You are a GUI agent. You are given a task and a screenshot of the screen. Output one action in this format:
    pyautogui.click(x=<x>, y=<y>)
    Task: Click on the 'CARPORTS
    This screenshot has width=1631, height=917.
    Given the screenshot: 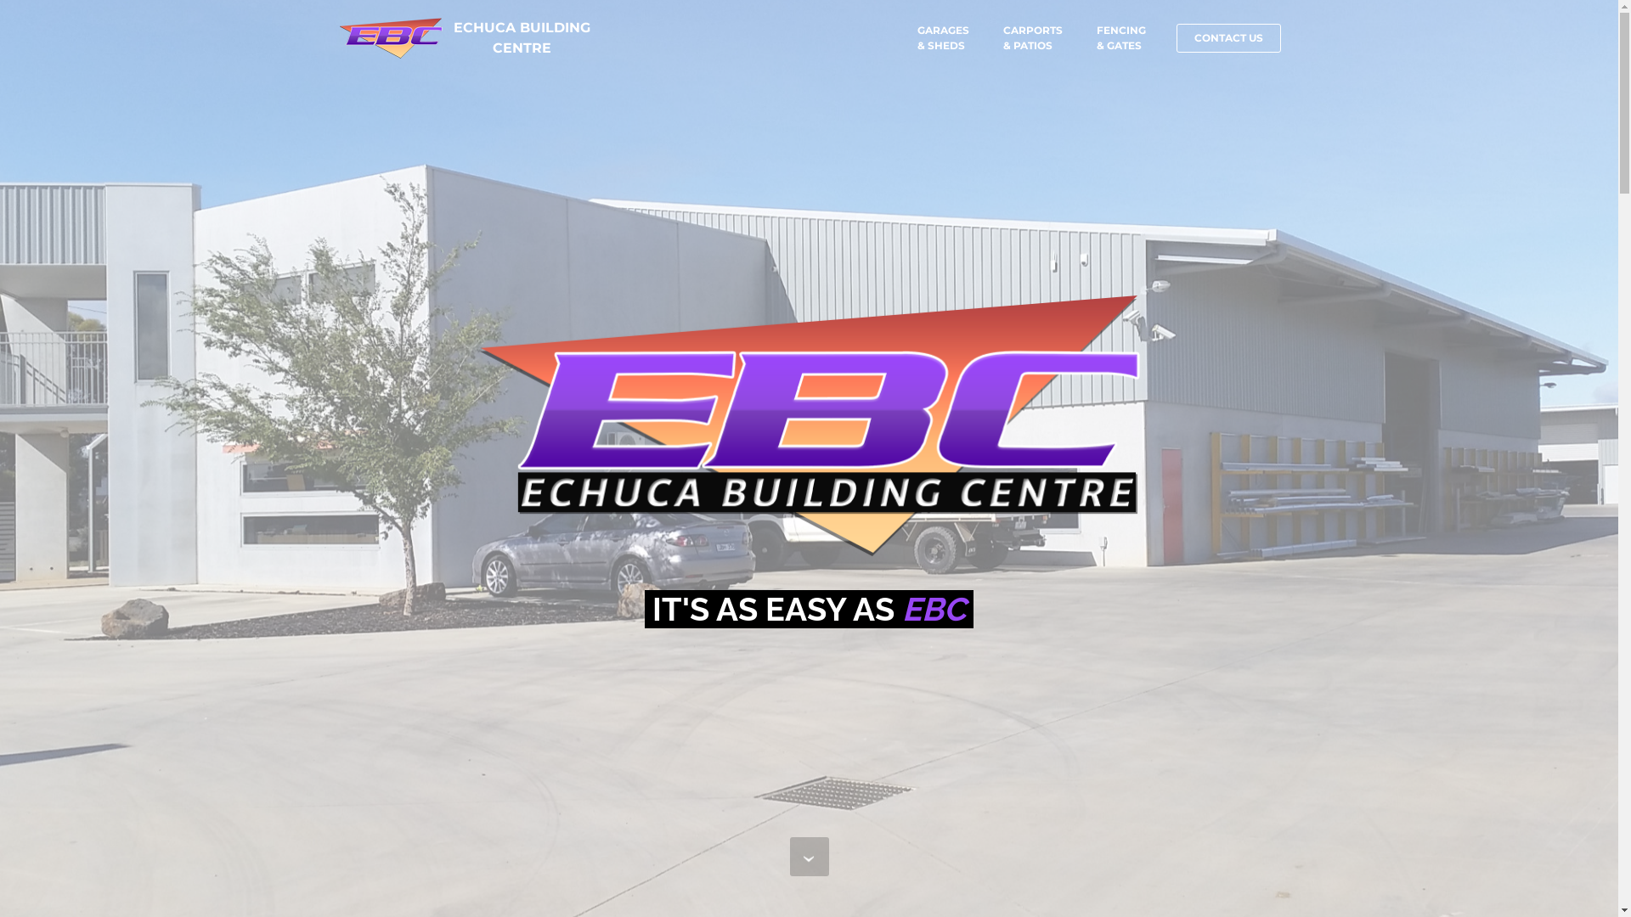 What is the action you would take?
    pyautogui.click(x=1030, y=38)
    